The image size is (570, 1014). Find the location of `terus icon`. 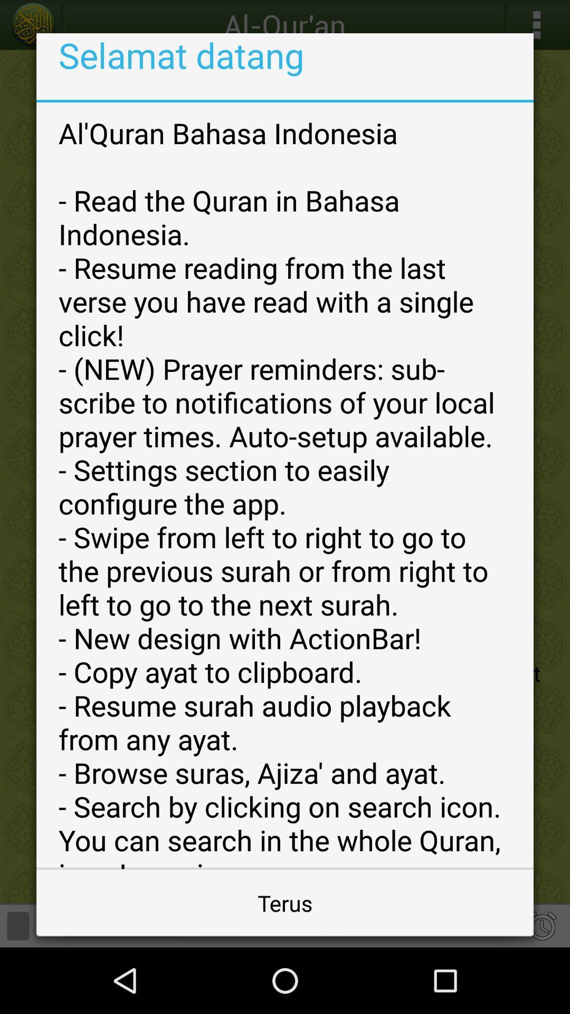

terus icon is located at coordinates (285, 902).